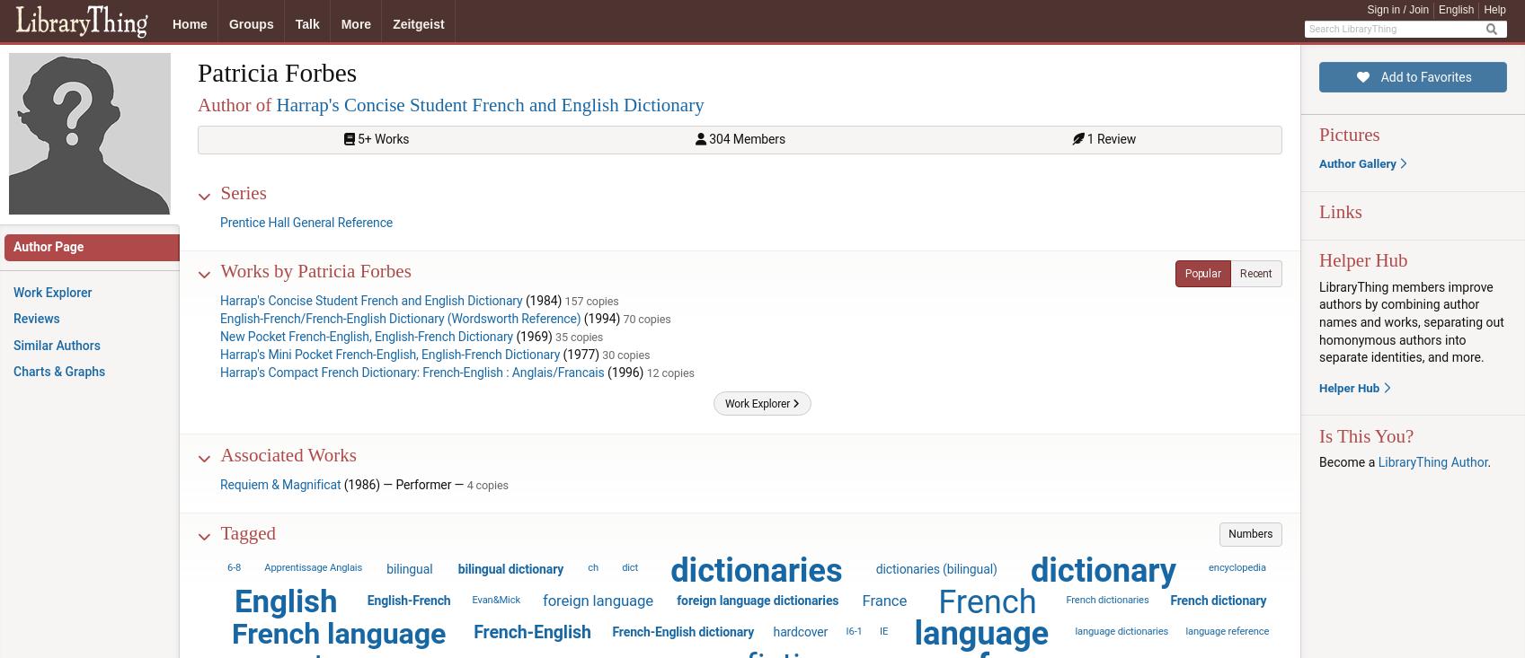  Describe the element at coordinates (353, 138) in the screenshot. I see `'5+ Works'` at that location.